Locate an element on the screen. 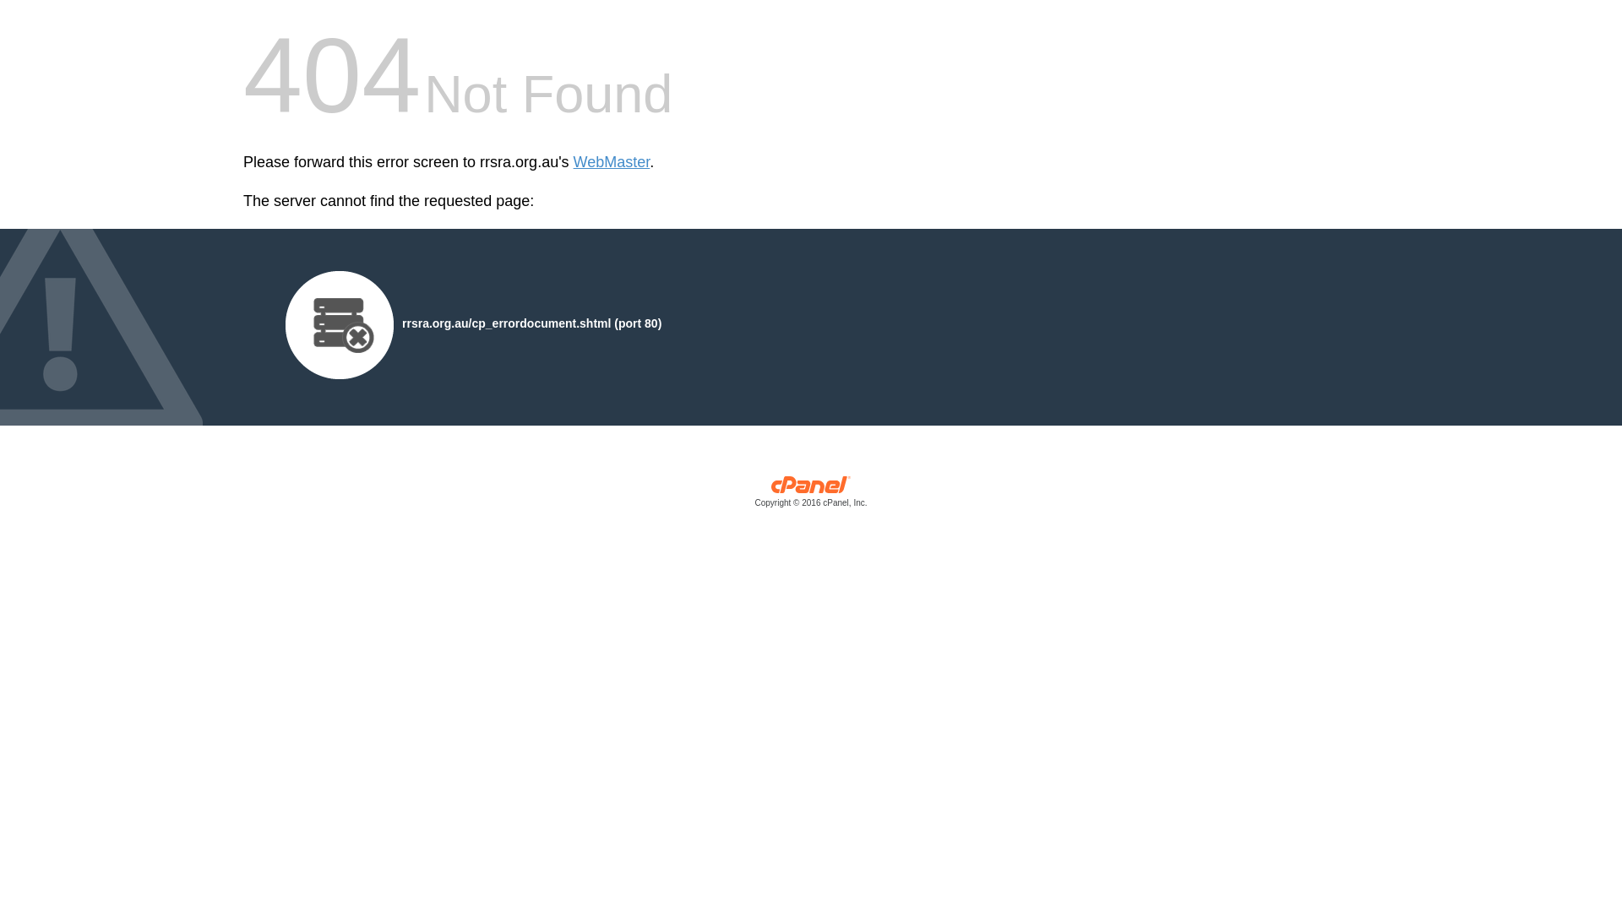 The width and height of the screenshot is (1622, 912). 'WebMaster' is located at coordinates (611, 162).